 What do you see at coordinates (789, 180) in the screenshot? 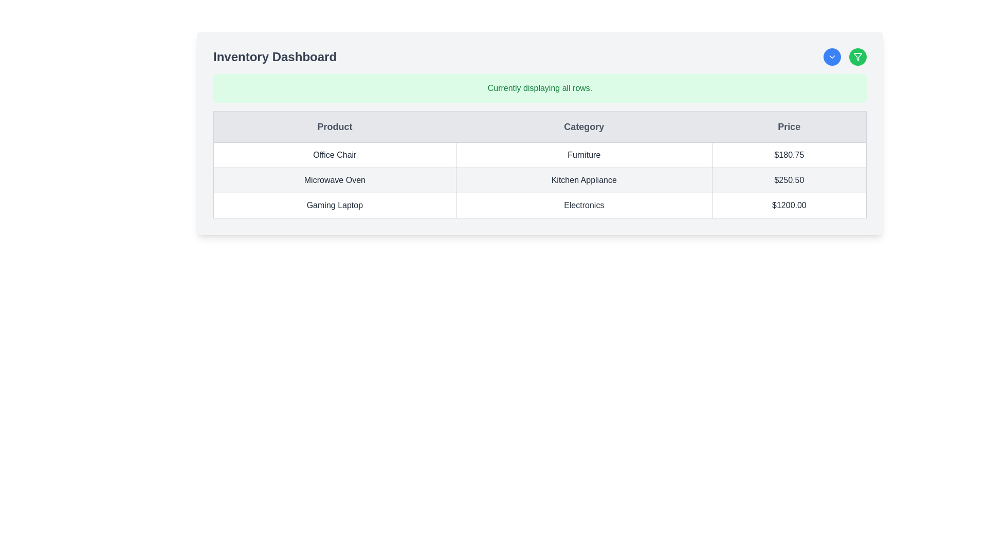
I see `the text label displaying the price '$250.50' located in the third column of the second row of the table` at bounding box center [789, 180].